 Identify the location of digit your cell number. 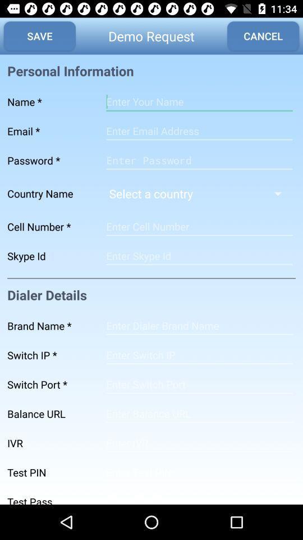
(199, 226).